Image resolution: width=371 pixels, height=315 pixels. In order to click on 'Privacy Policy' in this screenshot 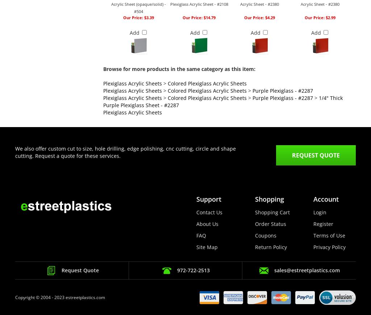, I will do `click(329, 247)`.